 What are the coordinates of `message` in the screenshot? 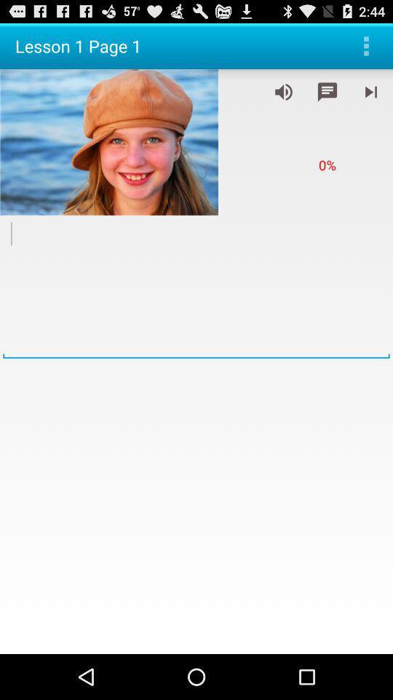 It's located at (327, 91).